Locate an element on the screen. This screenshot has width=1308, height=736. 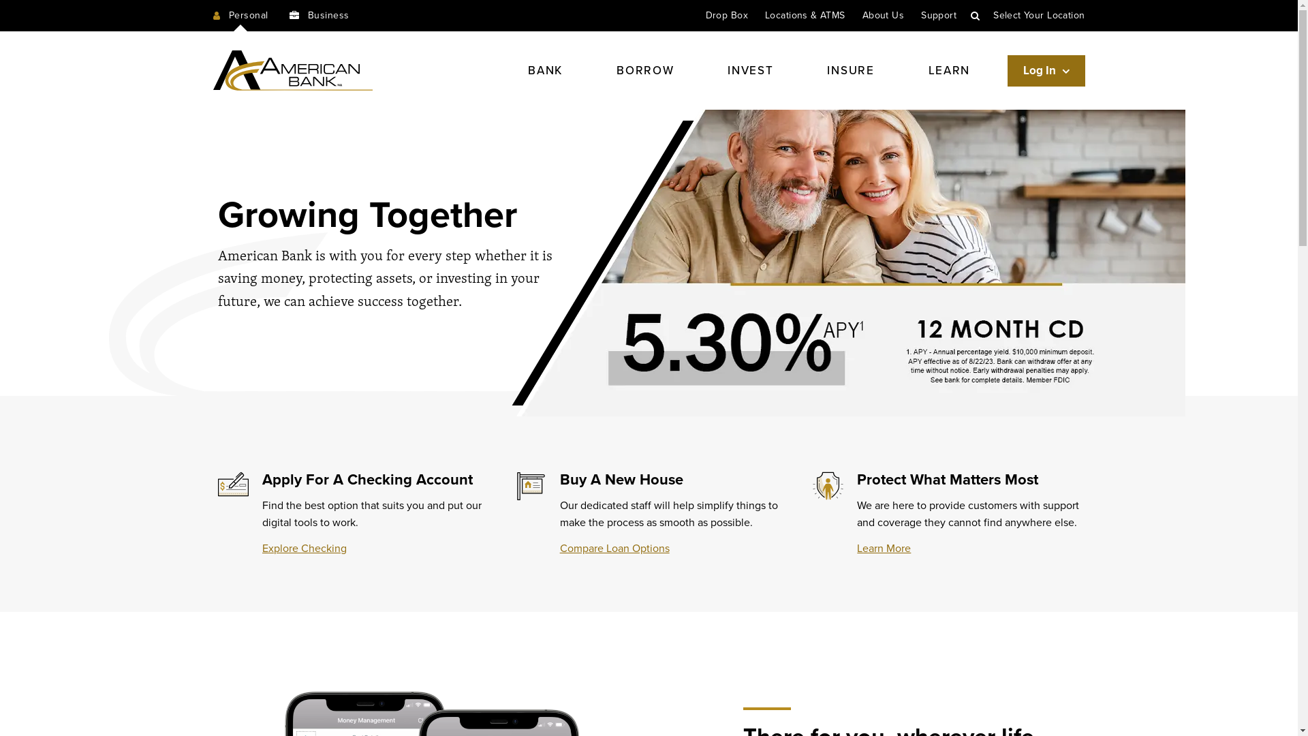
'LEARN' is located at coordinates (948, 70).